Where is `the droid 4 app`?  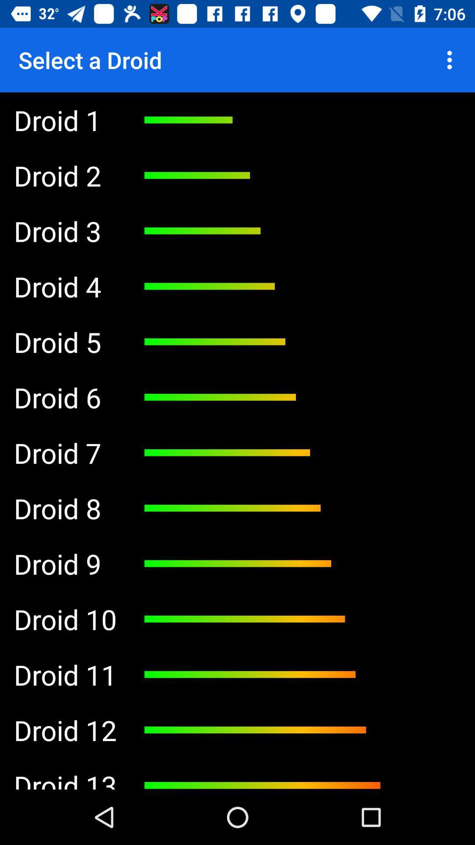 the droid 4 app is located at coordinates (65, 287).